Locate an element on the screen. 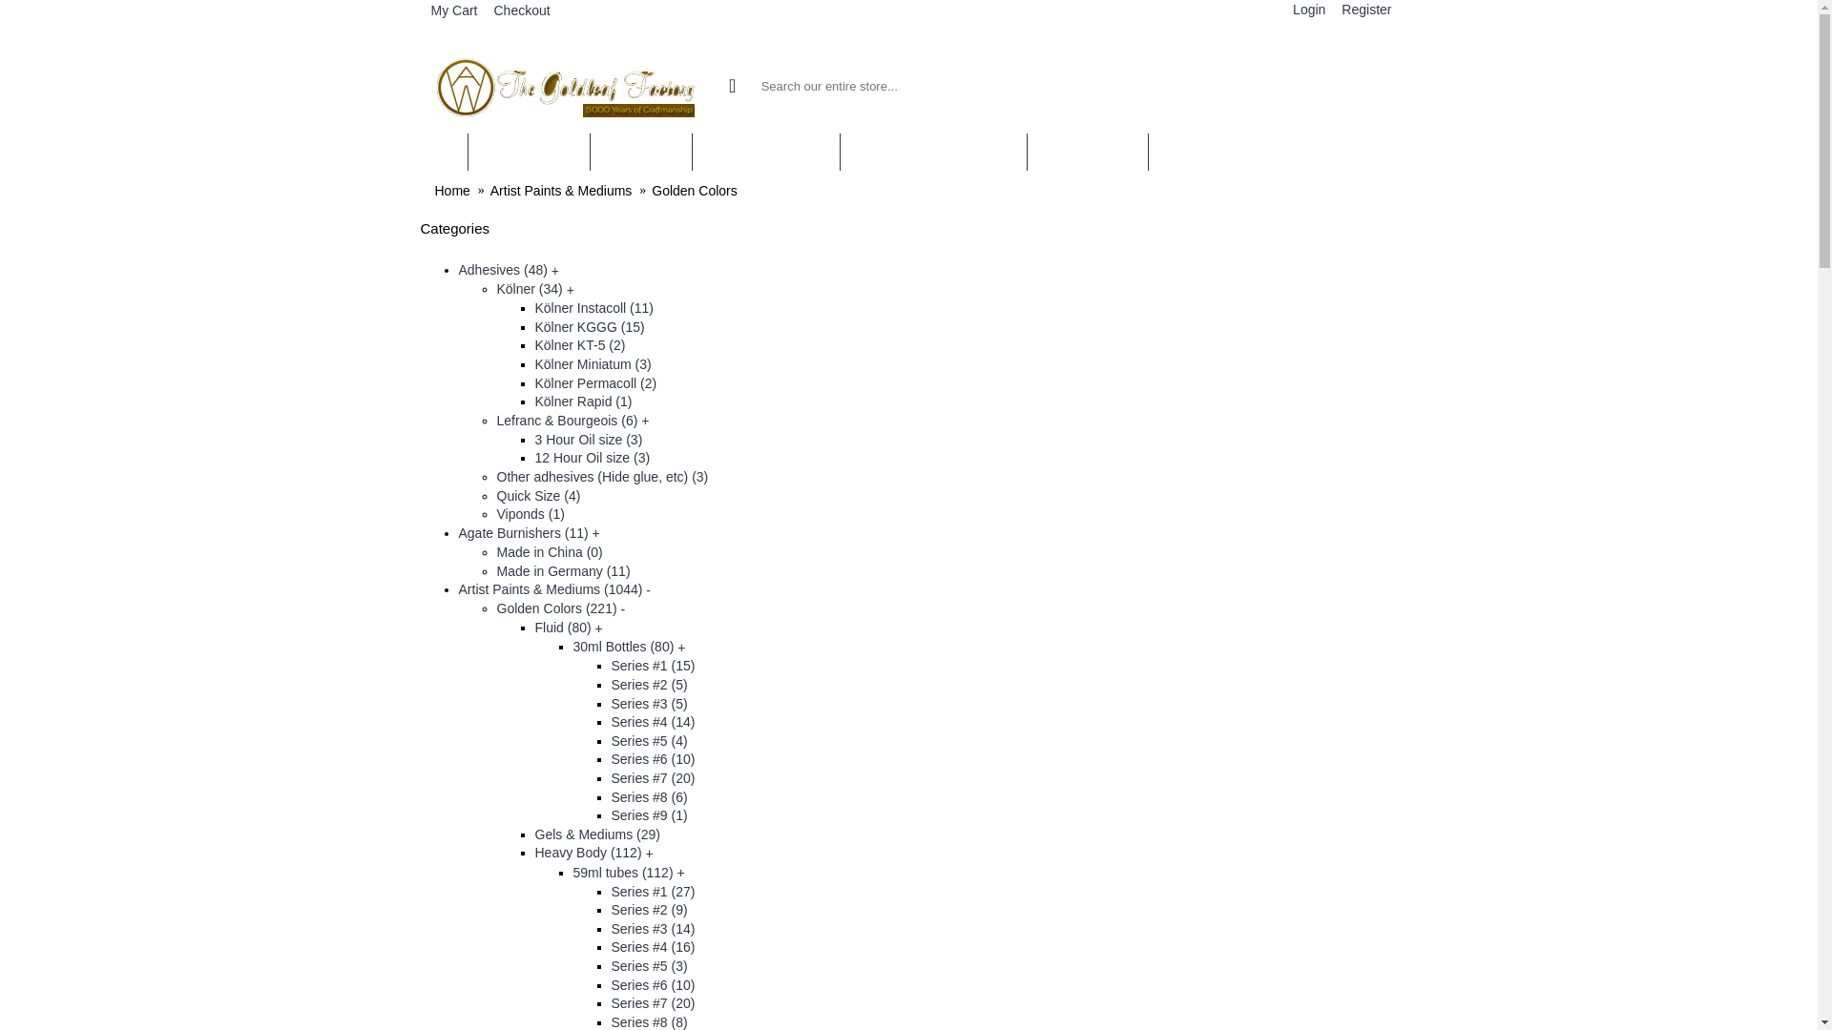 The width and height of the screenshot is (1832, 1030). 'Series #1 (27)' is located at coordinates (652, 891).